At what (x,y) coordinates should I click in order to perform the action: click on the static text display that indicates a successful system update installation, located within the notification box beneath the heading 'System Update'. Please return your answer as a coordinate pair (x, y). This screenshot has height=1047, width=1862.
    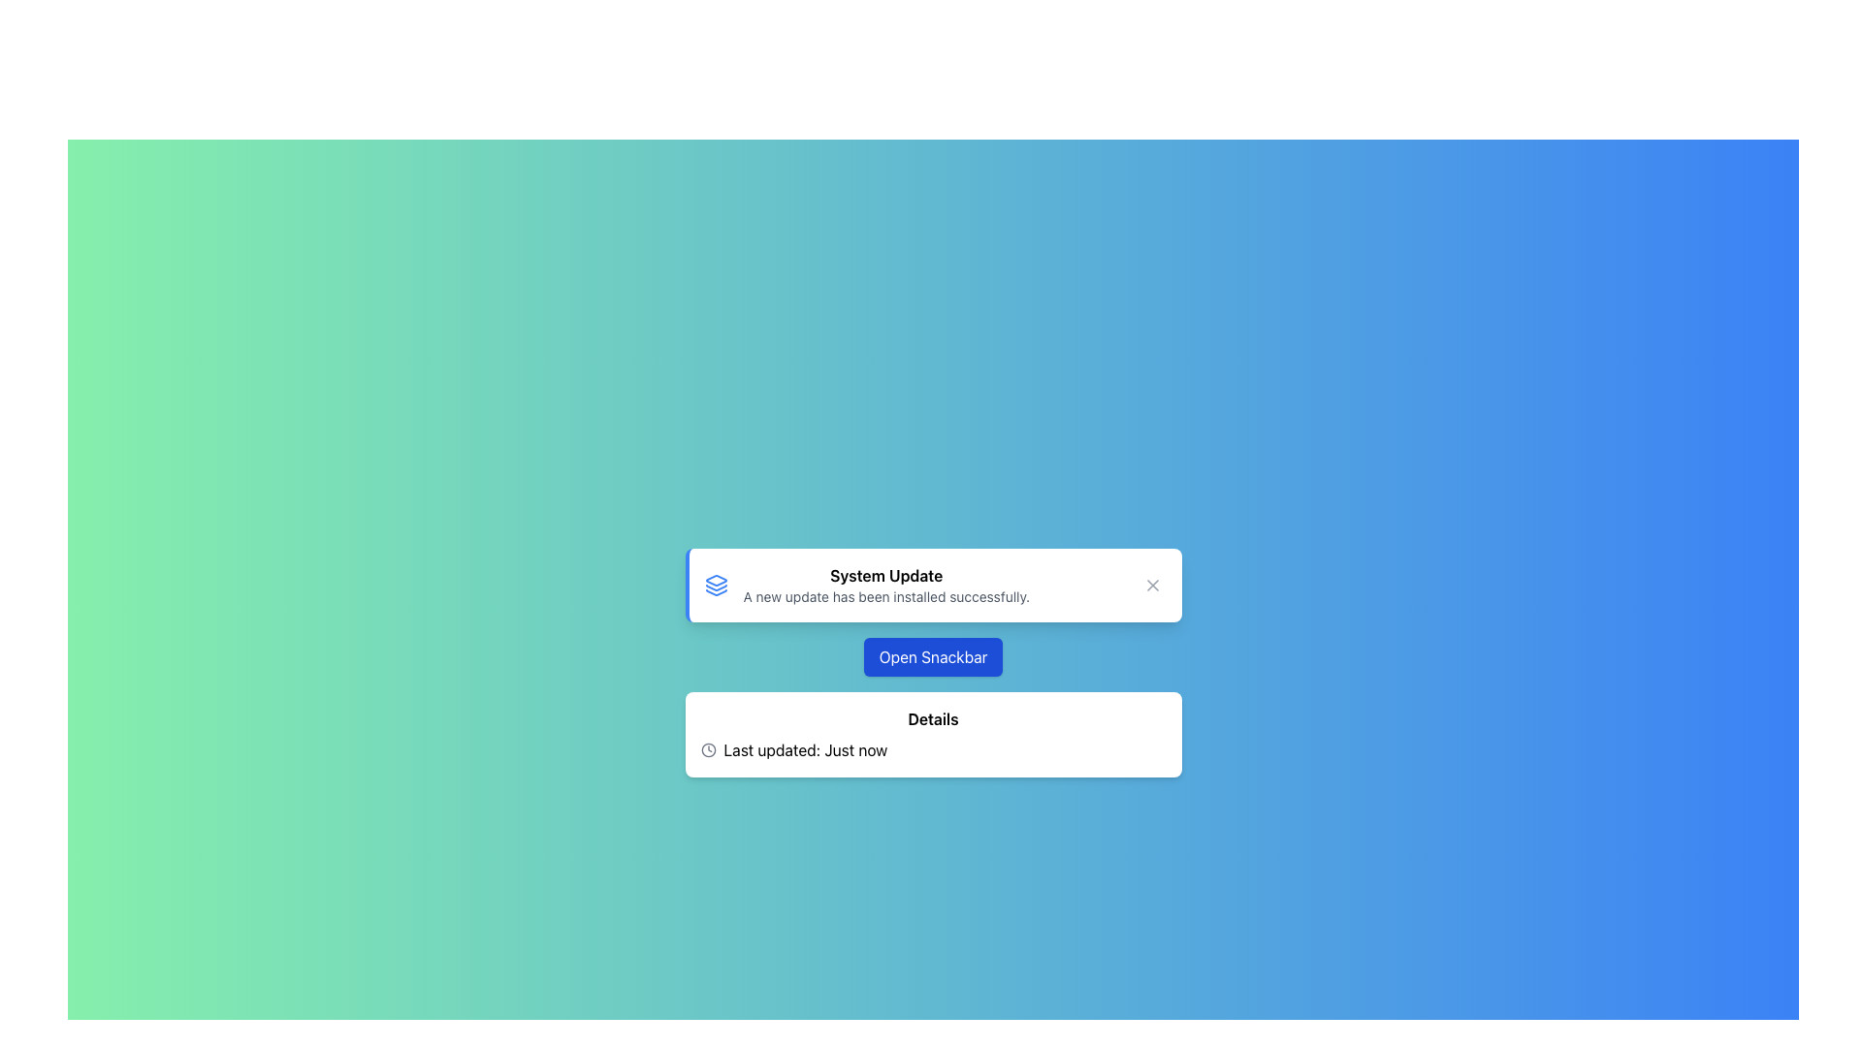
    Looking at the image, I should click on (885, 596).